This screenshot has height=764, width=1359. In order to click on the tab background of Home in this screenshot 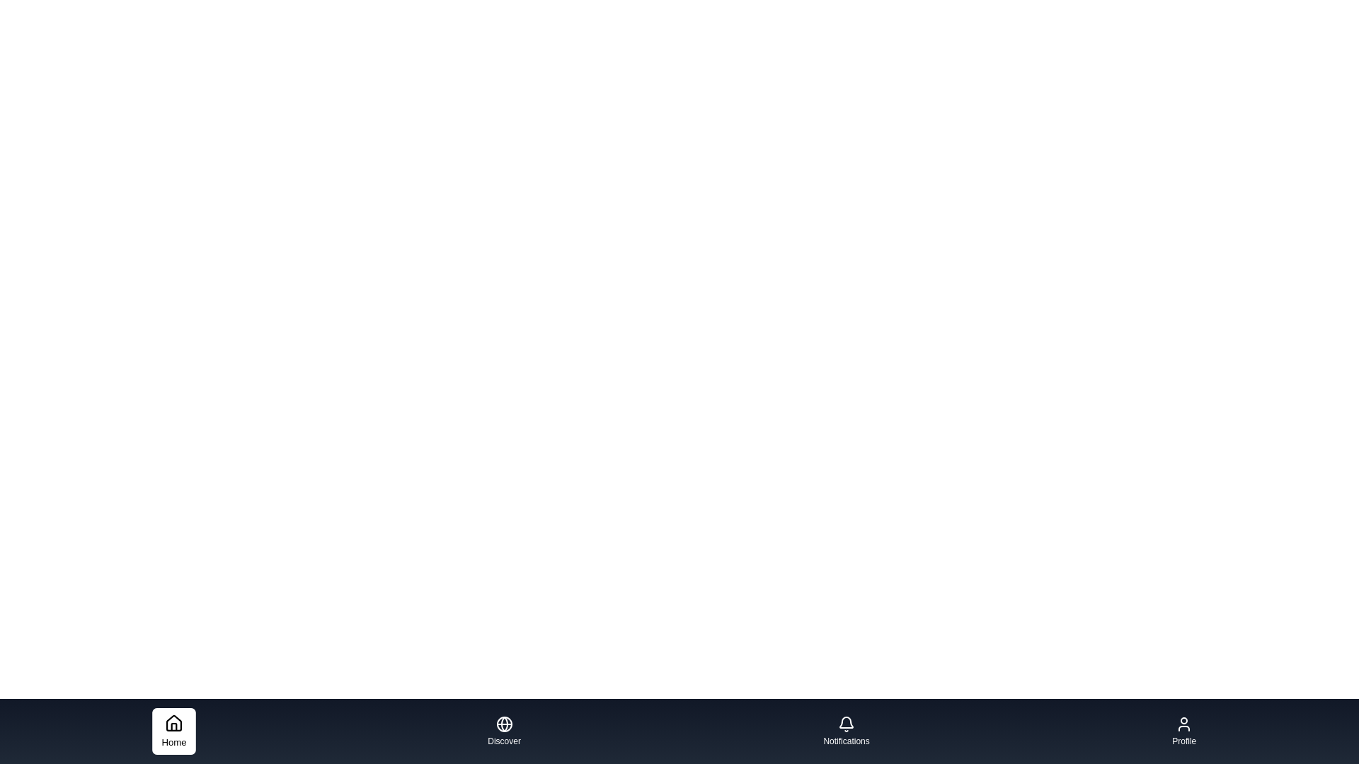, I will do `click(173, 731)`.